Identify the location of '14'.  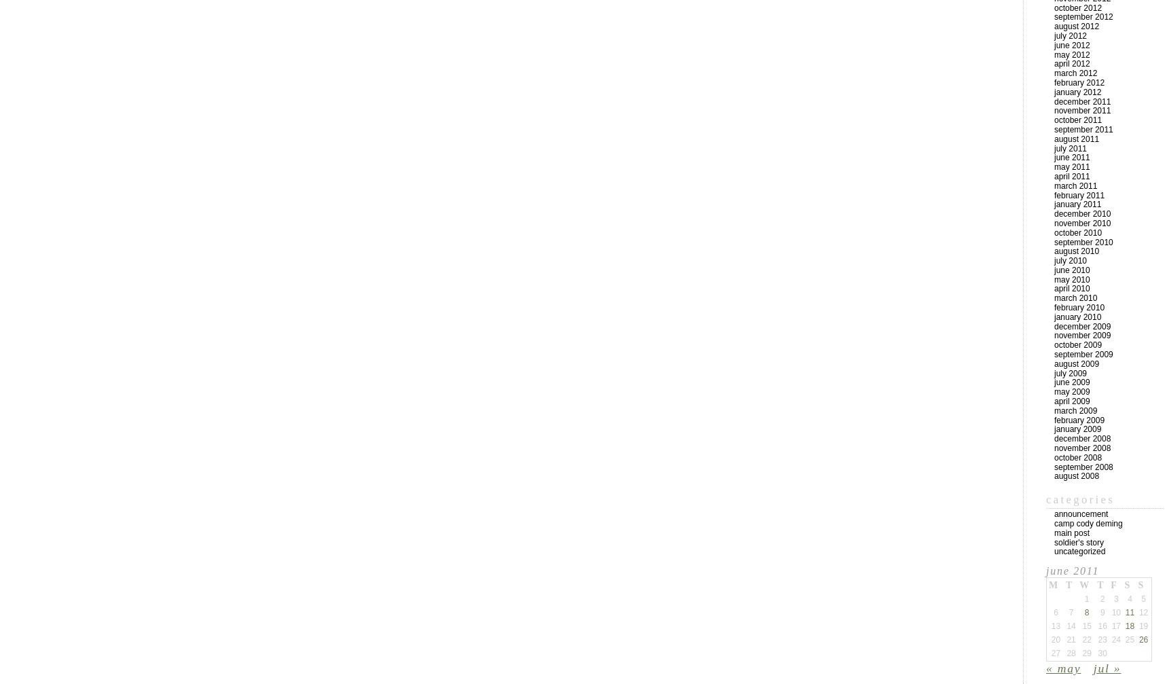
(1066, 626).